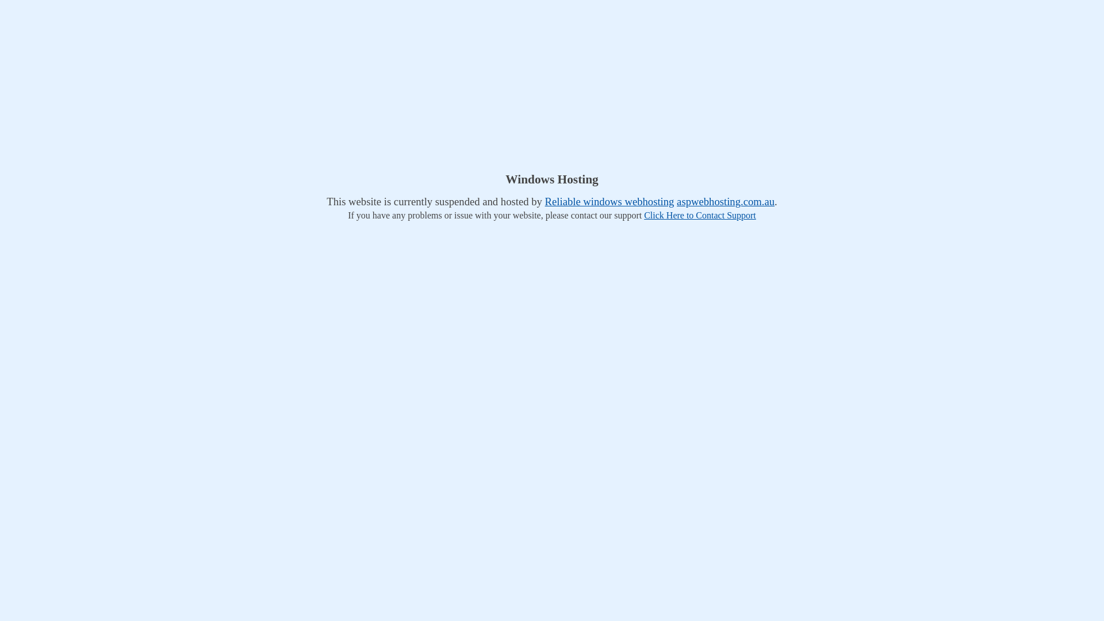 The height and width of the screenshot is (621, 1104). Describe the element at coordinates (725, 201) in the screenshot. I see `'aspwebhosting.com.au'` at that location.